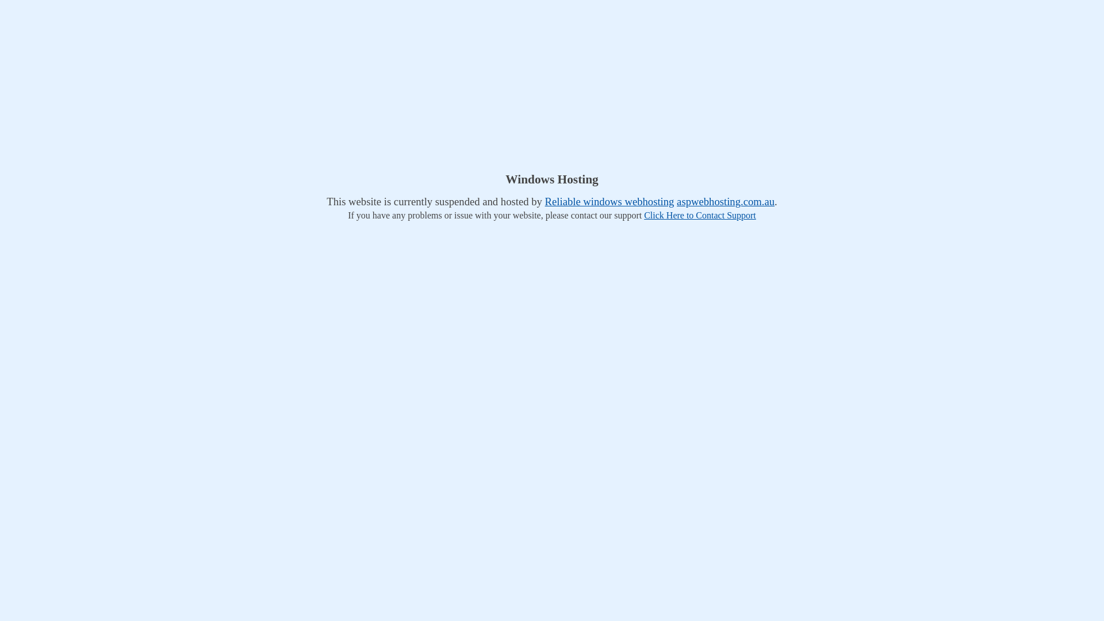 The height and width of the screenshot is (621, 1104). Describe the element at coordinates (725, 201) in the screenshot. I see `'aspwebhosting.com.au'` at that location.